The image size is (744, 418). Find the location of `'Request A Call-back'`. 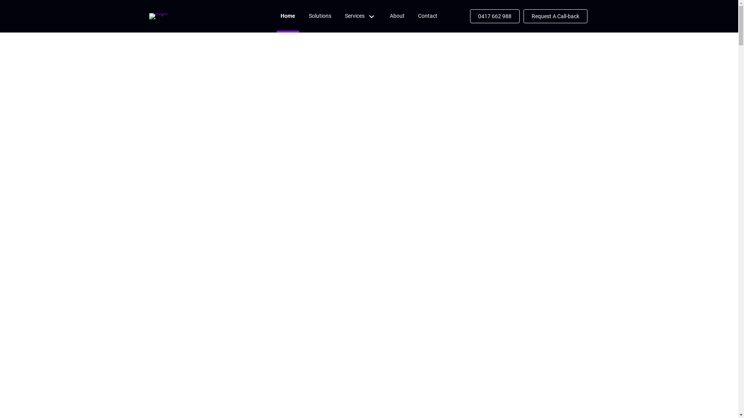

'Request A Call-back' is located at coordinates (523, 16).